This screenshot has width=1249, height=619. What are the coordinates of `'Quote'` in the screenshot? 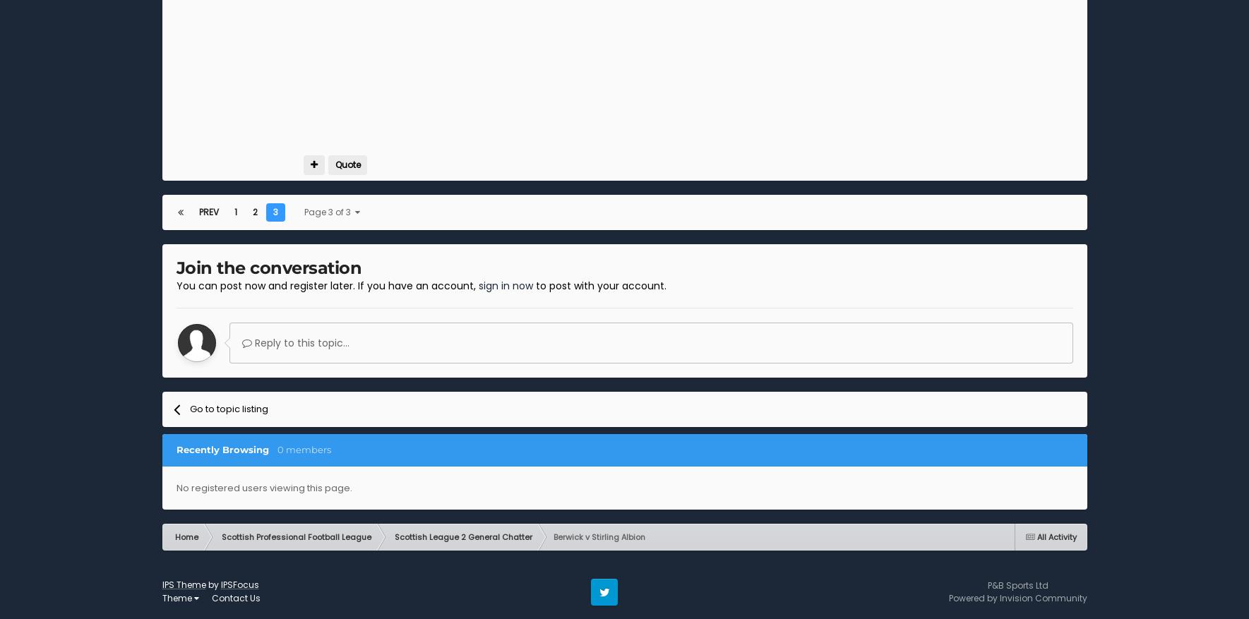 It's located at (346, 164).